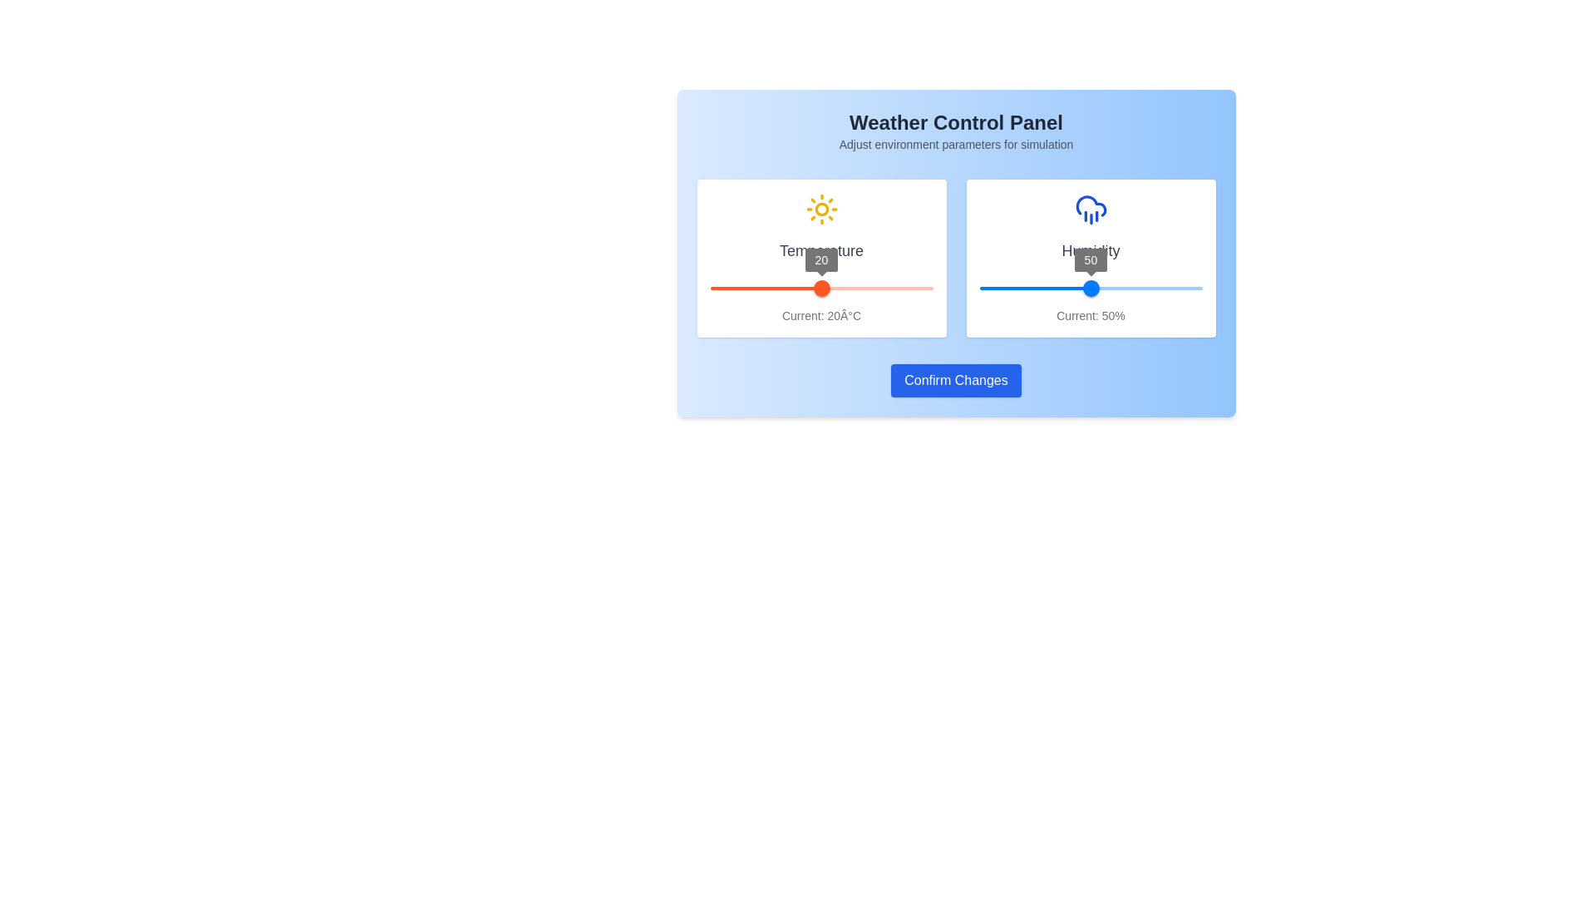  What do you see at coordinates (1157, 288) in the screenshot?
I see `humidity` at bounding box center [1157, 288].